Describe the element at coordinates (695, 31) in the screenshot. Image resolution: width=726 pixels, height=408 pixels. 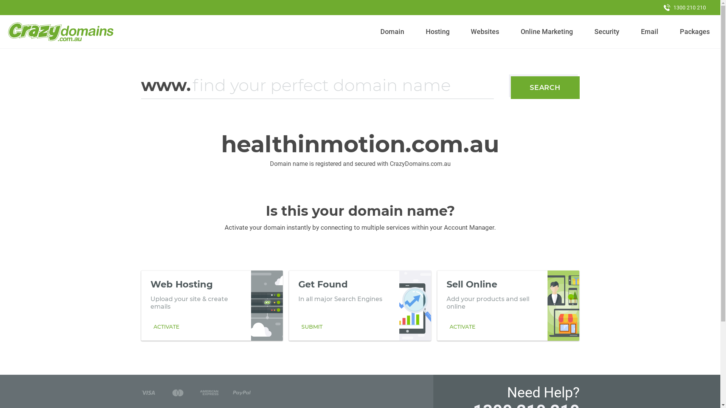
I see `'Packages'` at that location.